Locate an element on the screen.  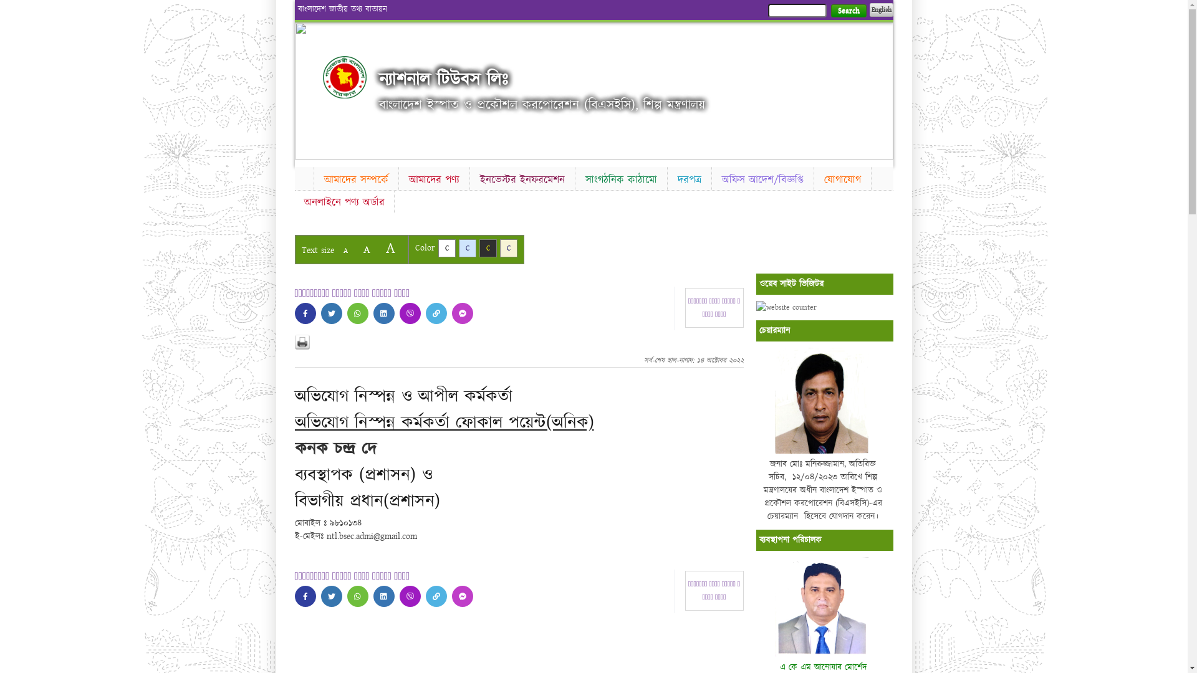
'C' is located at coordinates (509, 248).